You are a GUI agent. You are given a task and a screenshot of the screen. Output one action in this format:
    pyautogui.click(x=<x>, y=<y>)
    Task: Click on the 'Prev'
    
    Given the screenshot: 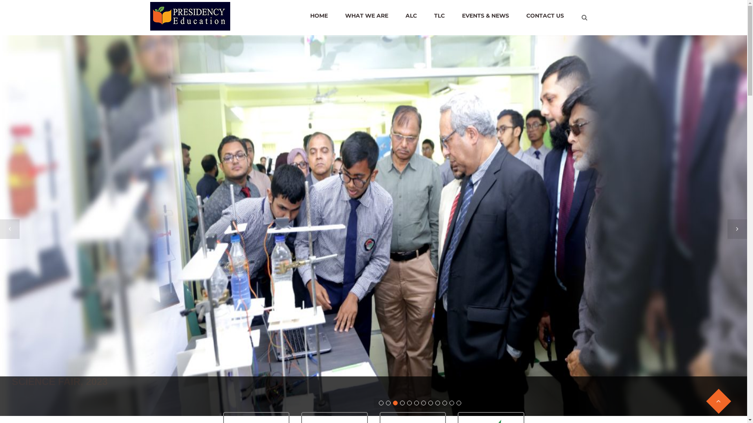 What is the action you would take?
    pyautogui.click(x=9, y=229)
    